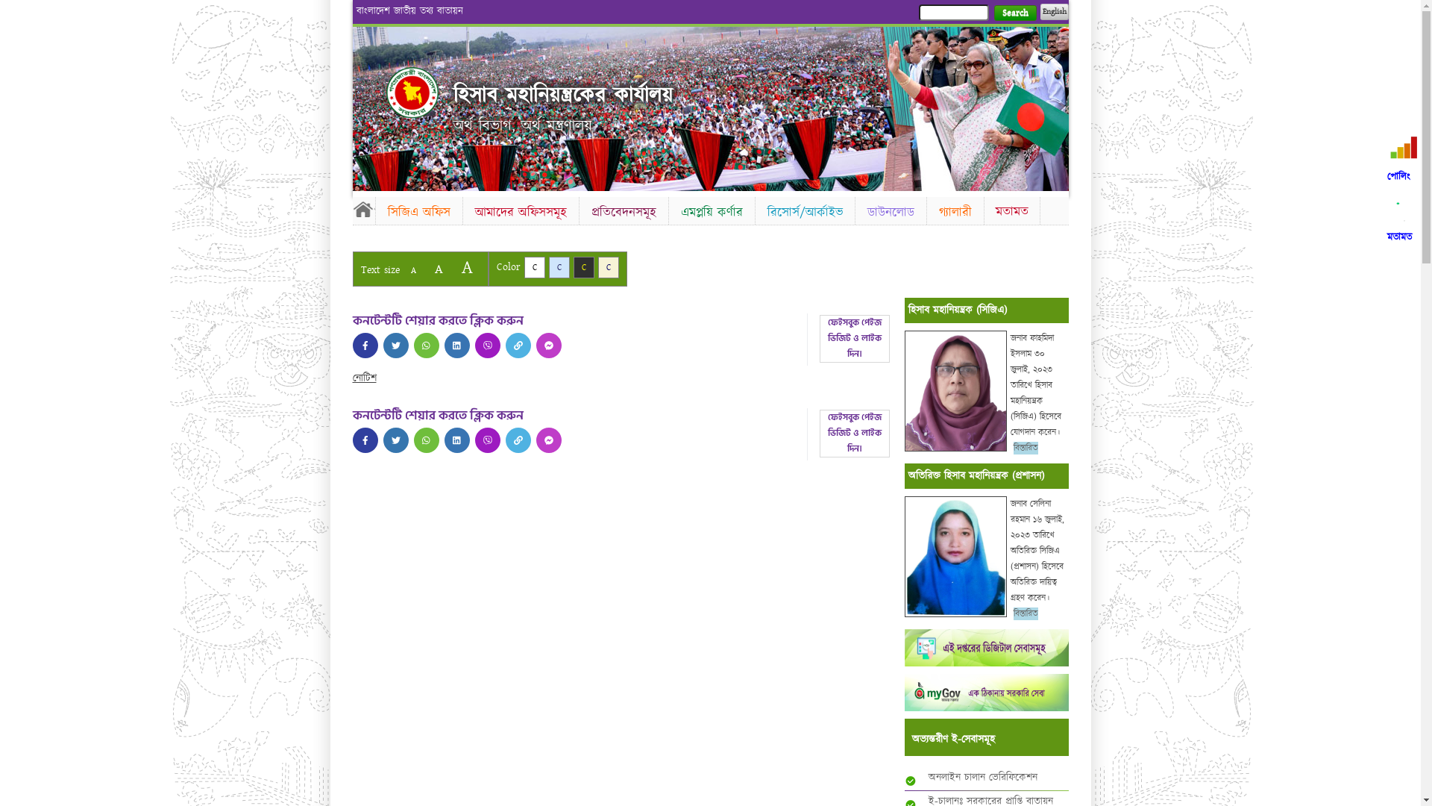  What do you see at coordinates (1014, 13) in the screenshot?
I see `'Search'` at bounding box center [1014, 13].